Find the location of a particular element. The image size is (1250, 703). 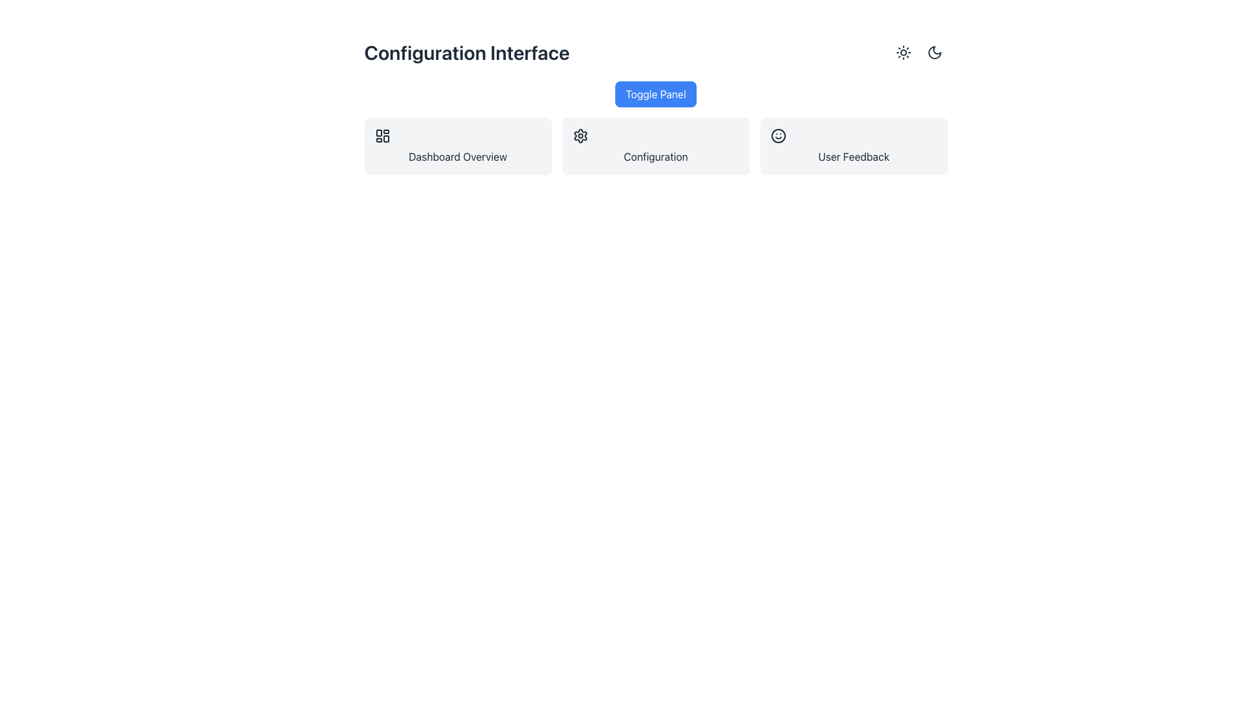

the icon located in the top-left corner of the 'Dashboard Overview' card, which serves as a link to navigate to the dashboard functionality is located at coordinates (382, 135).